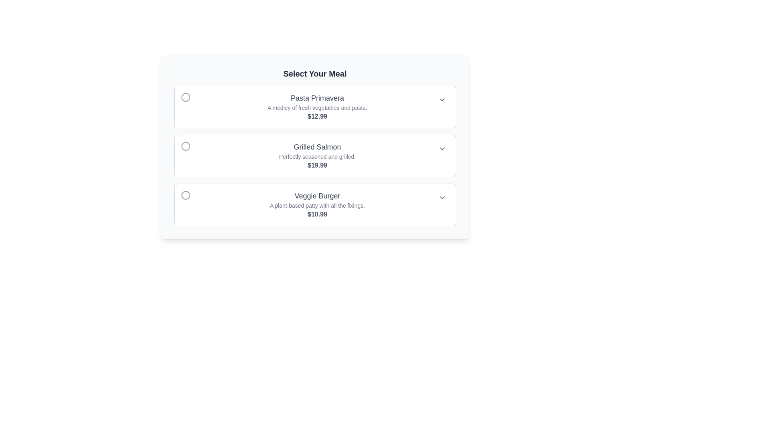  I want to click on the radio button outline, which is a small circle with a thin gray border located to the left of 'Grilled Salmon' in the meal options list, so click(190, 146).